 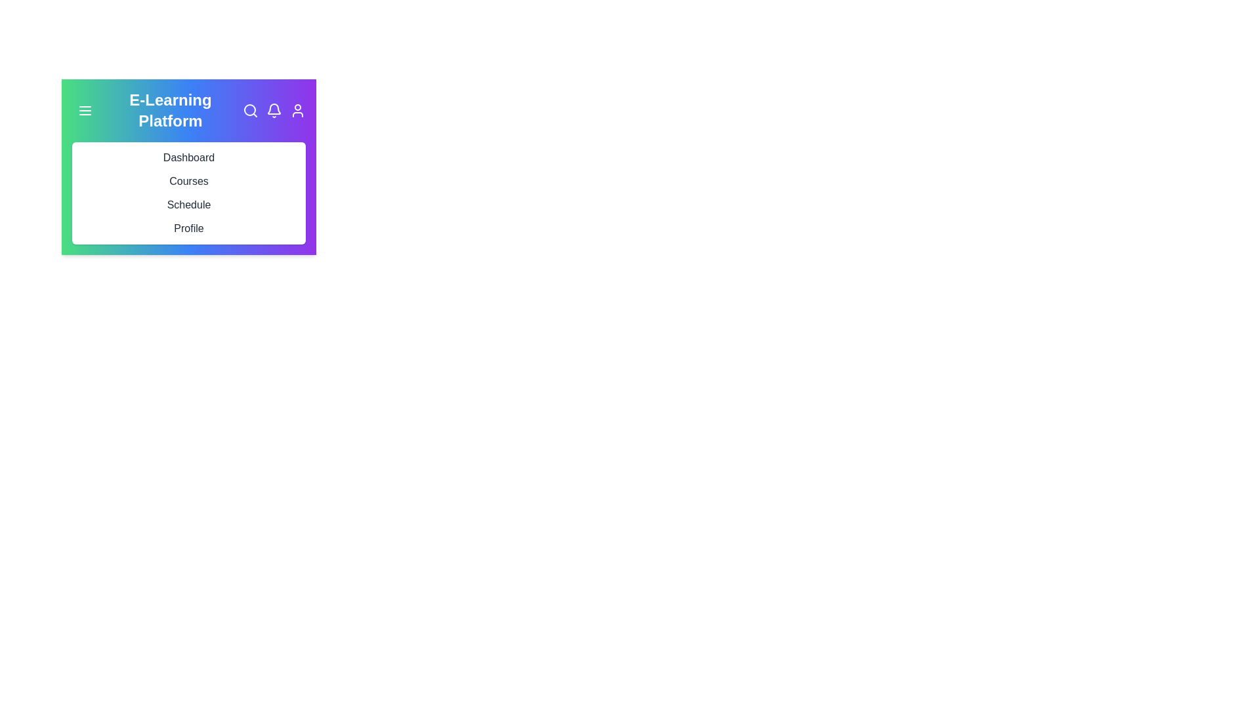 I want to click on the menu item corresponding to Profile, so click(x=188, y=227).